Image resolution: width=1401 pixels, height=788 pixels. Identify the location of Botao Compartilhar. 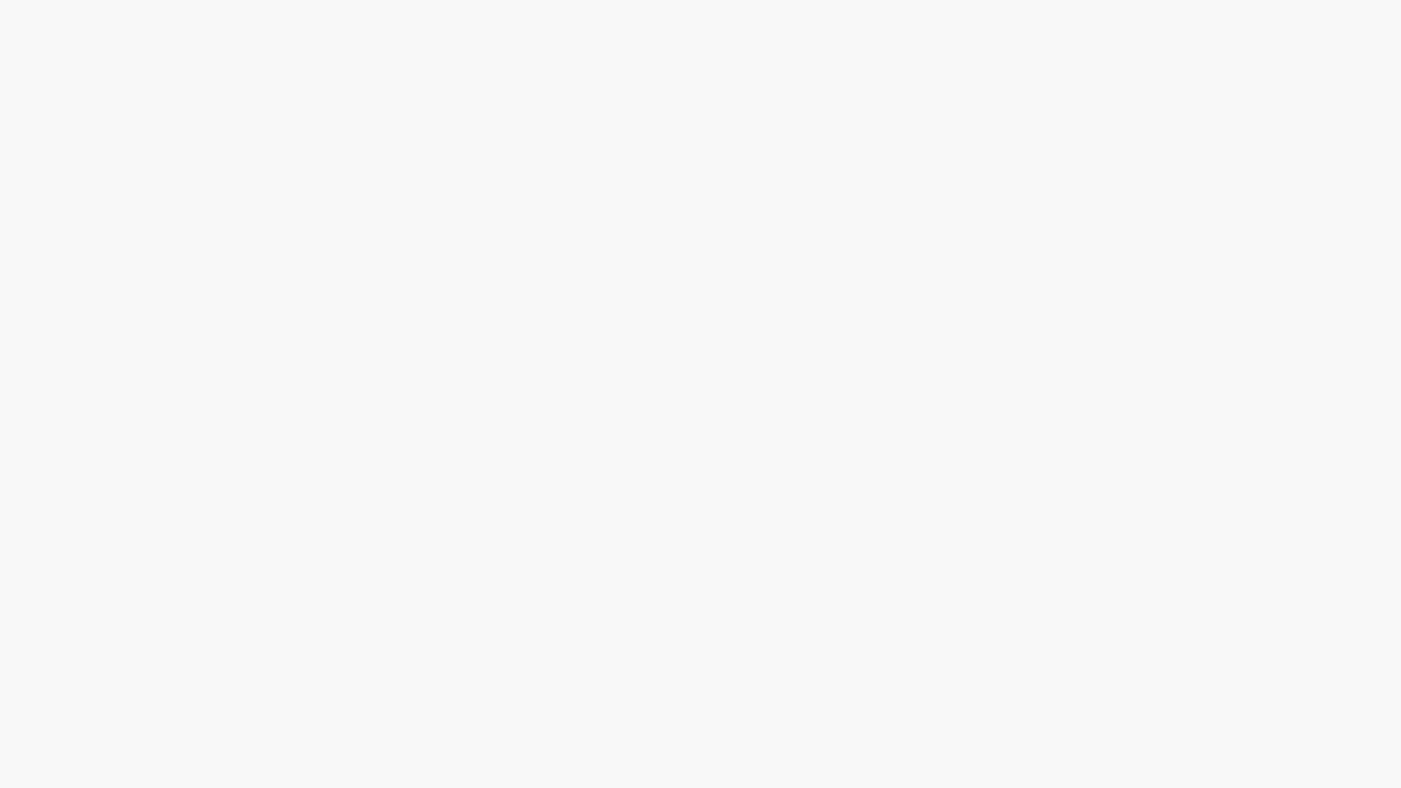
(237, 413).